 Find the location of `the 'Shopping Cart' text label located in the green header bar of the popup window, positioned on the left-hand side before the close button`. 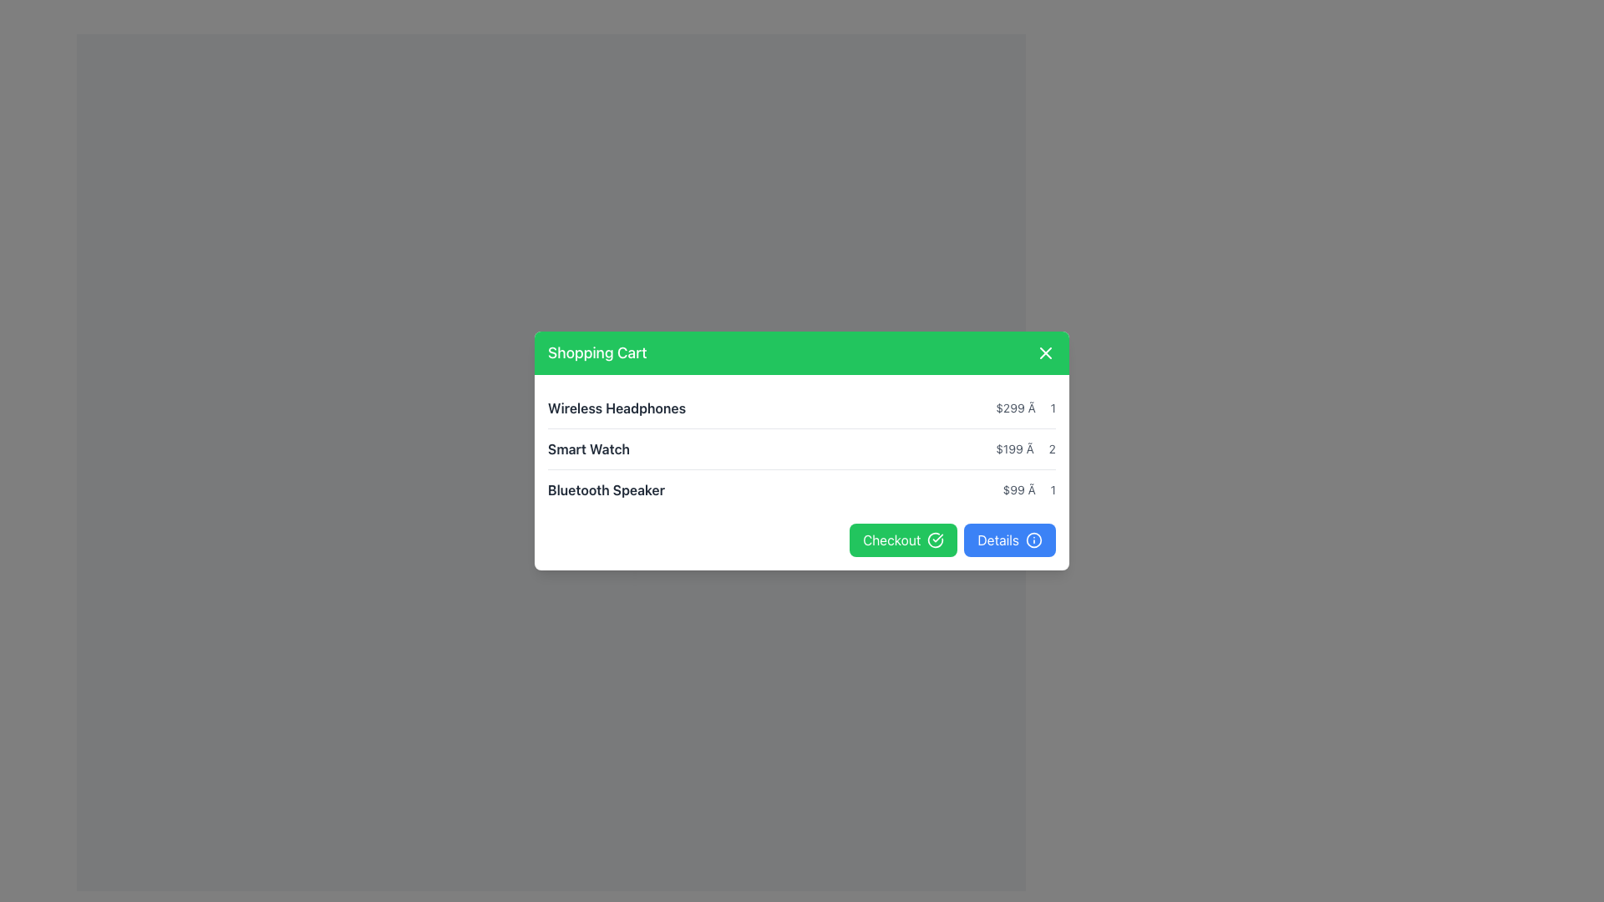

the 'Shopping Cart' text label located in the green header bar of the popup window, positioned on the left-hand side before the close button is located at coordinates (597, 352).